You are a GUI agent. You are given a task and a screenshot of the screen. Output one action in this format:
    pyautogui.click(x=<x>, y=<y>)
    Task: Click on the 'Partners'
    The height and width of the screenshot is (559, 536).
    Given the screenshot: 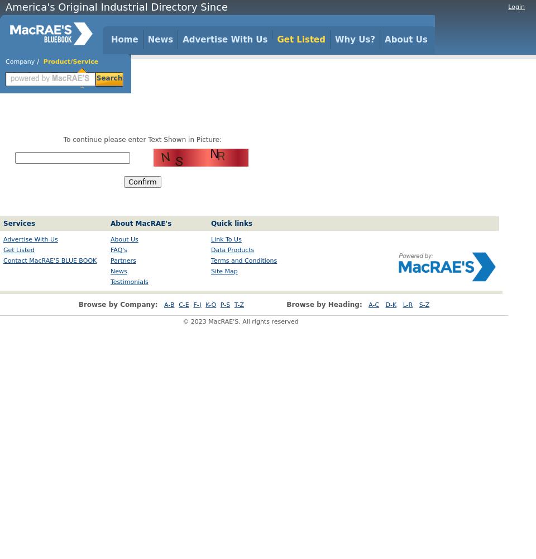 What is the action you would take?
    pyautogui.click(x=123, y=260)
    